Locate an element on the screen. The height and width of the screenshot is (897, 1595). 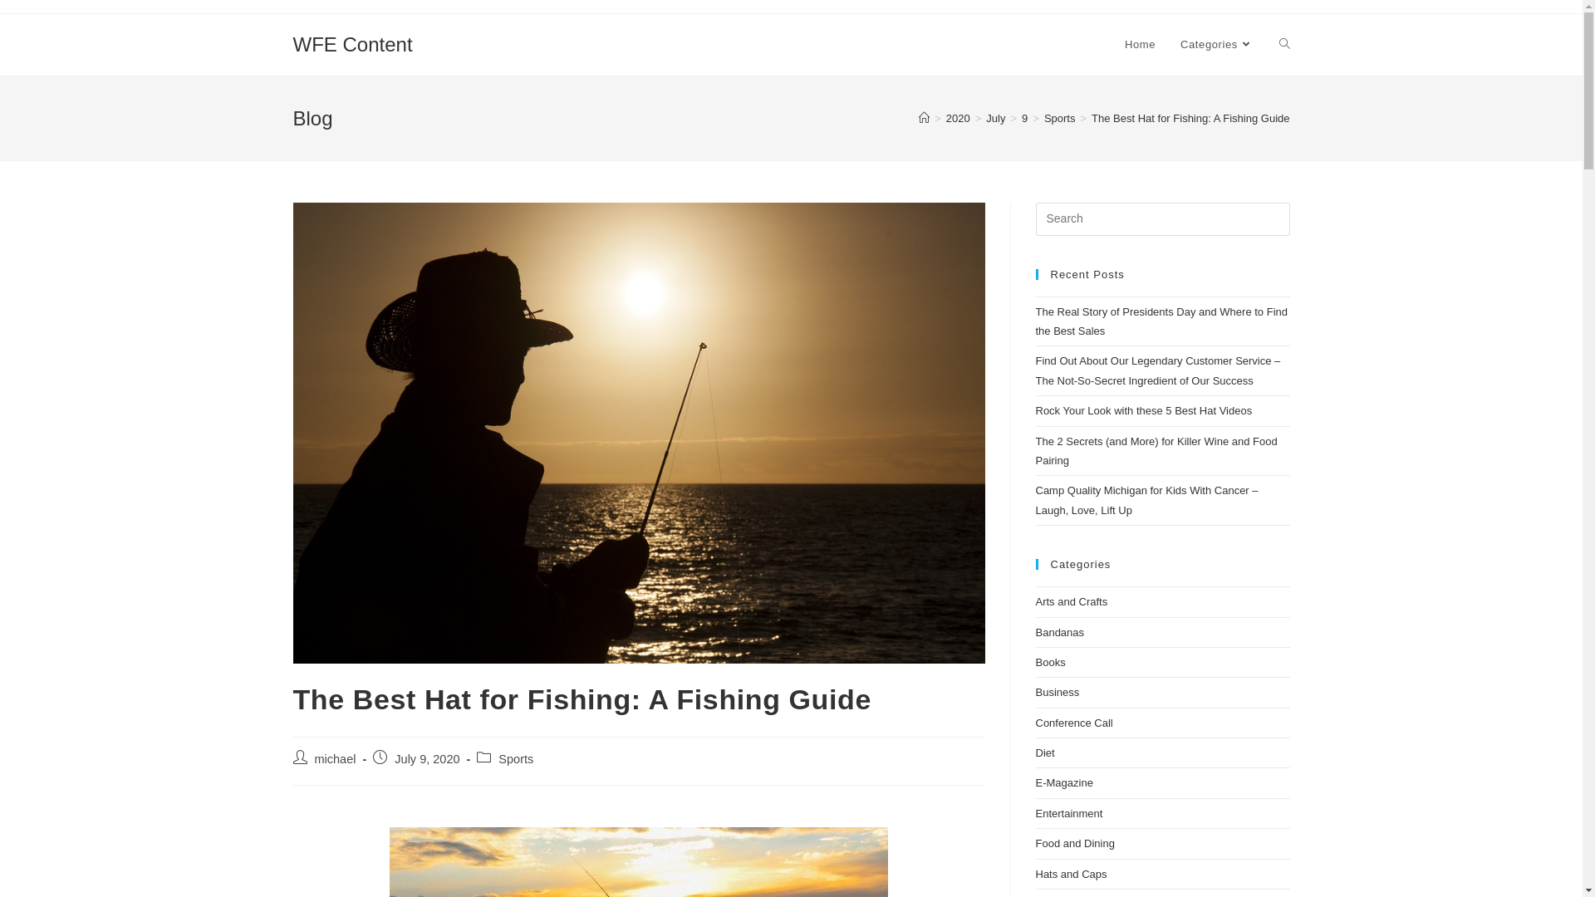
'Business' is located at coordinates (1056, 692).